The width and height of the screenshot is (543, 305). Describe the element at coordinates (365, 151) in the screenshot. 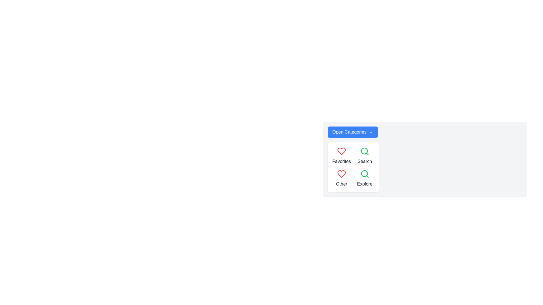

I see `the green magnifying glass icon in the second position of the vertical icon arrangement` at that location.